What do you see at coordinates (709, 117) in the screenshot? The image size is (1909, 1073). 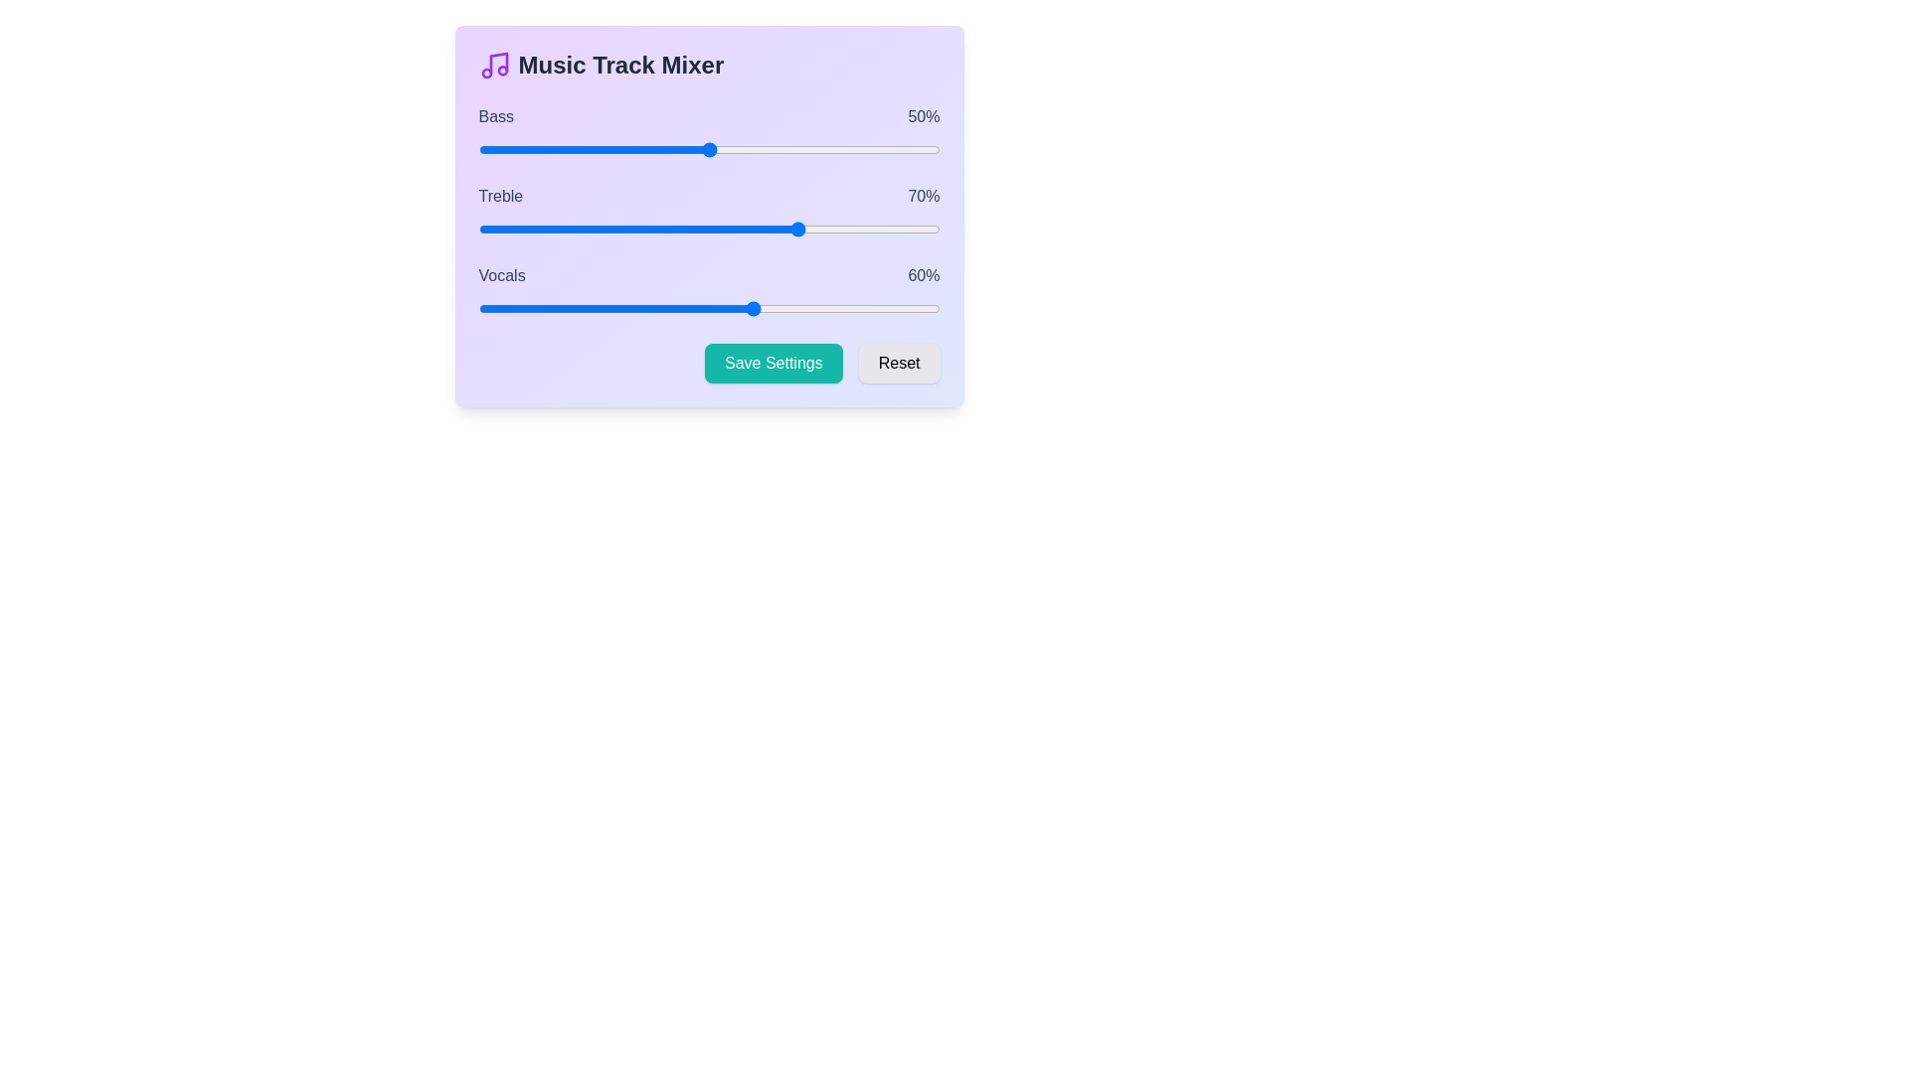 I see `the text label corresponding to the track Bass` at bounding box center [709, 117].